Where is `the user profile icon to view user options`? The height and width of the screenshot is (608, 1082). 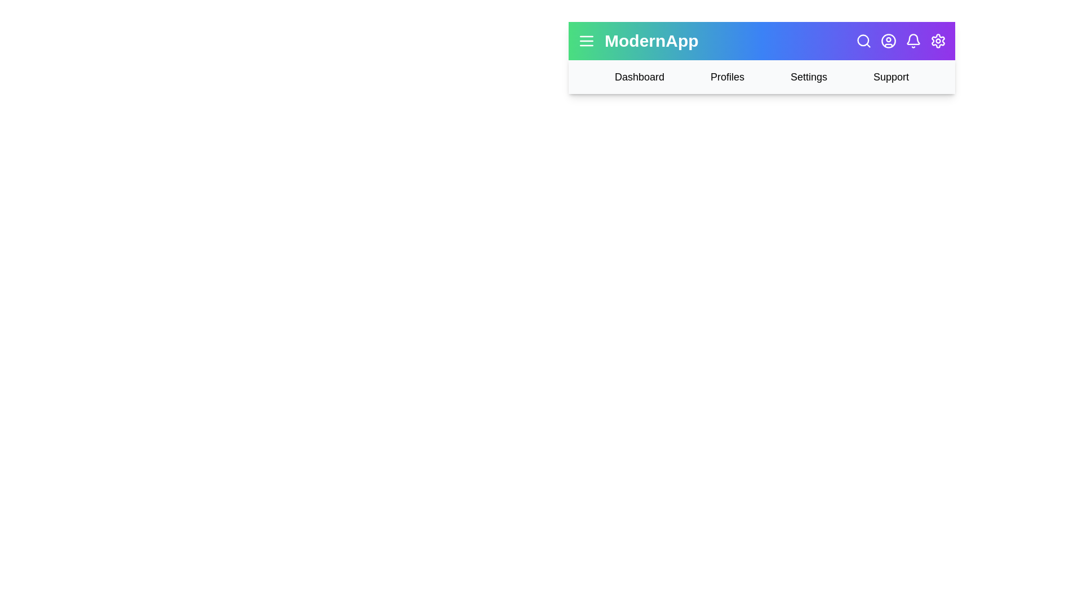
the user profile icon to view user options is located at coordinates (888, 41).